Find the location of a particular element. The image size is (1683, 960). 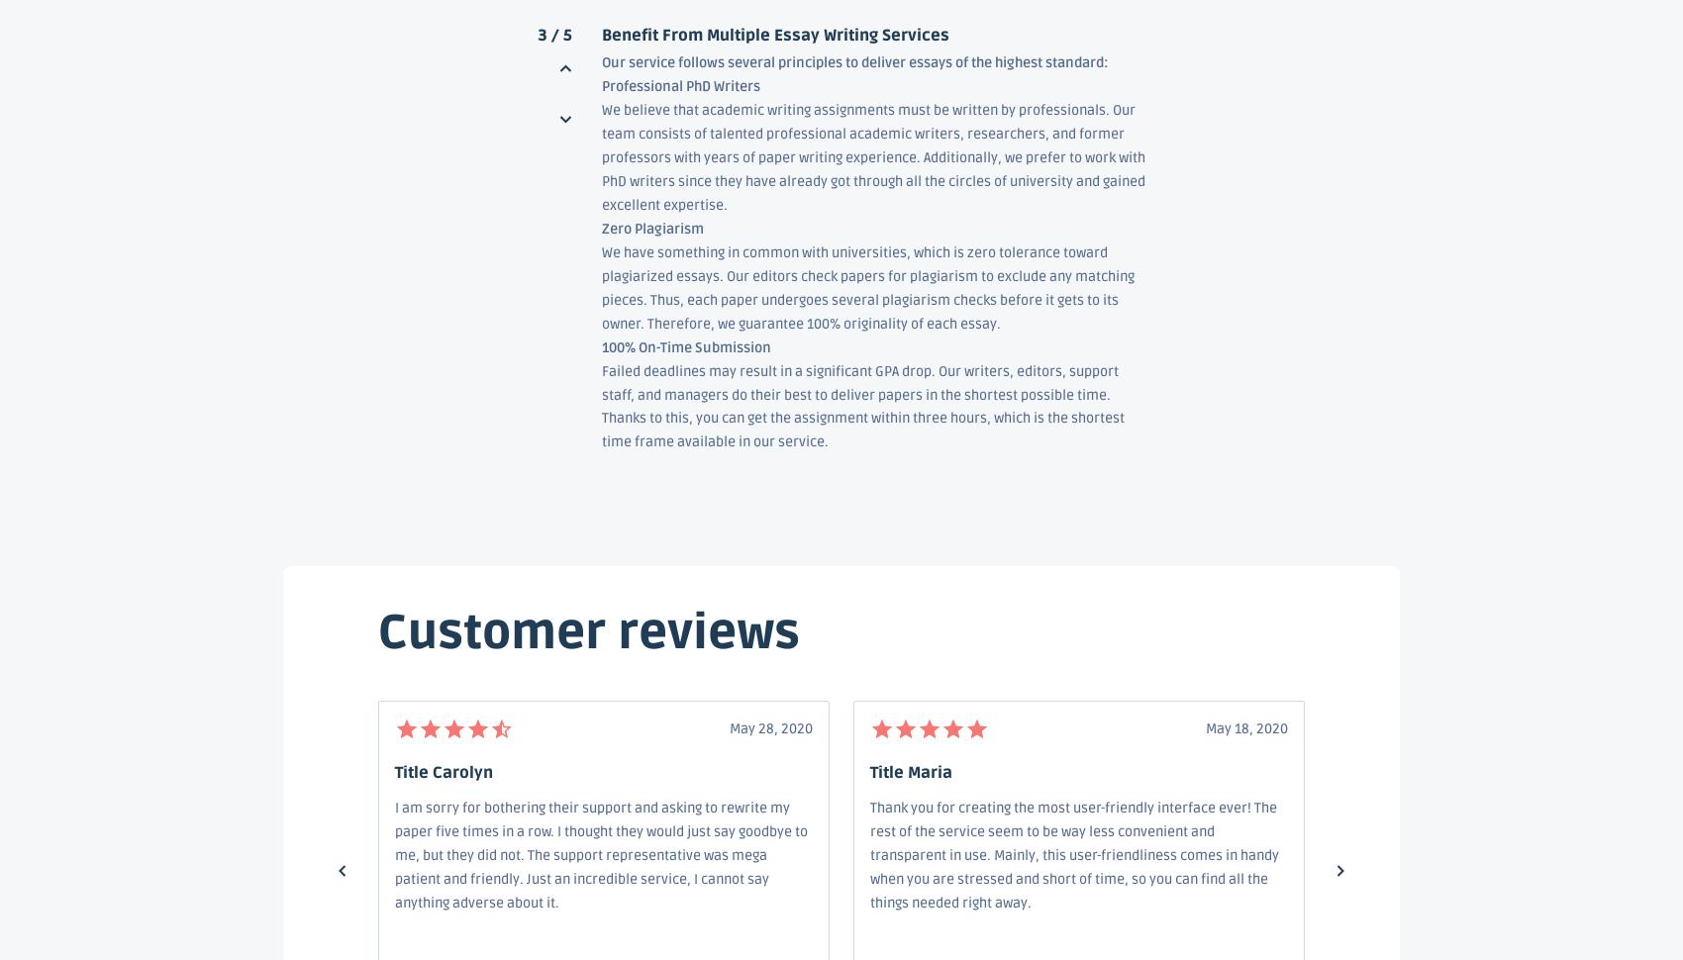

'We believe that academic writing assignments must be written by professionals. Our team consists of talented professional academic writers, researchers, and former professors with years of paper writing experience. Additionally, we prefer to work with PhD writers since they have already got through all the circles of university and gained excellent expertise.' is located at coordinates (872, 156).